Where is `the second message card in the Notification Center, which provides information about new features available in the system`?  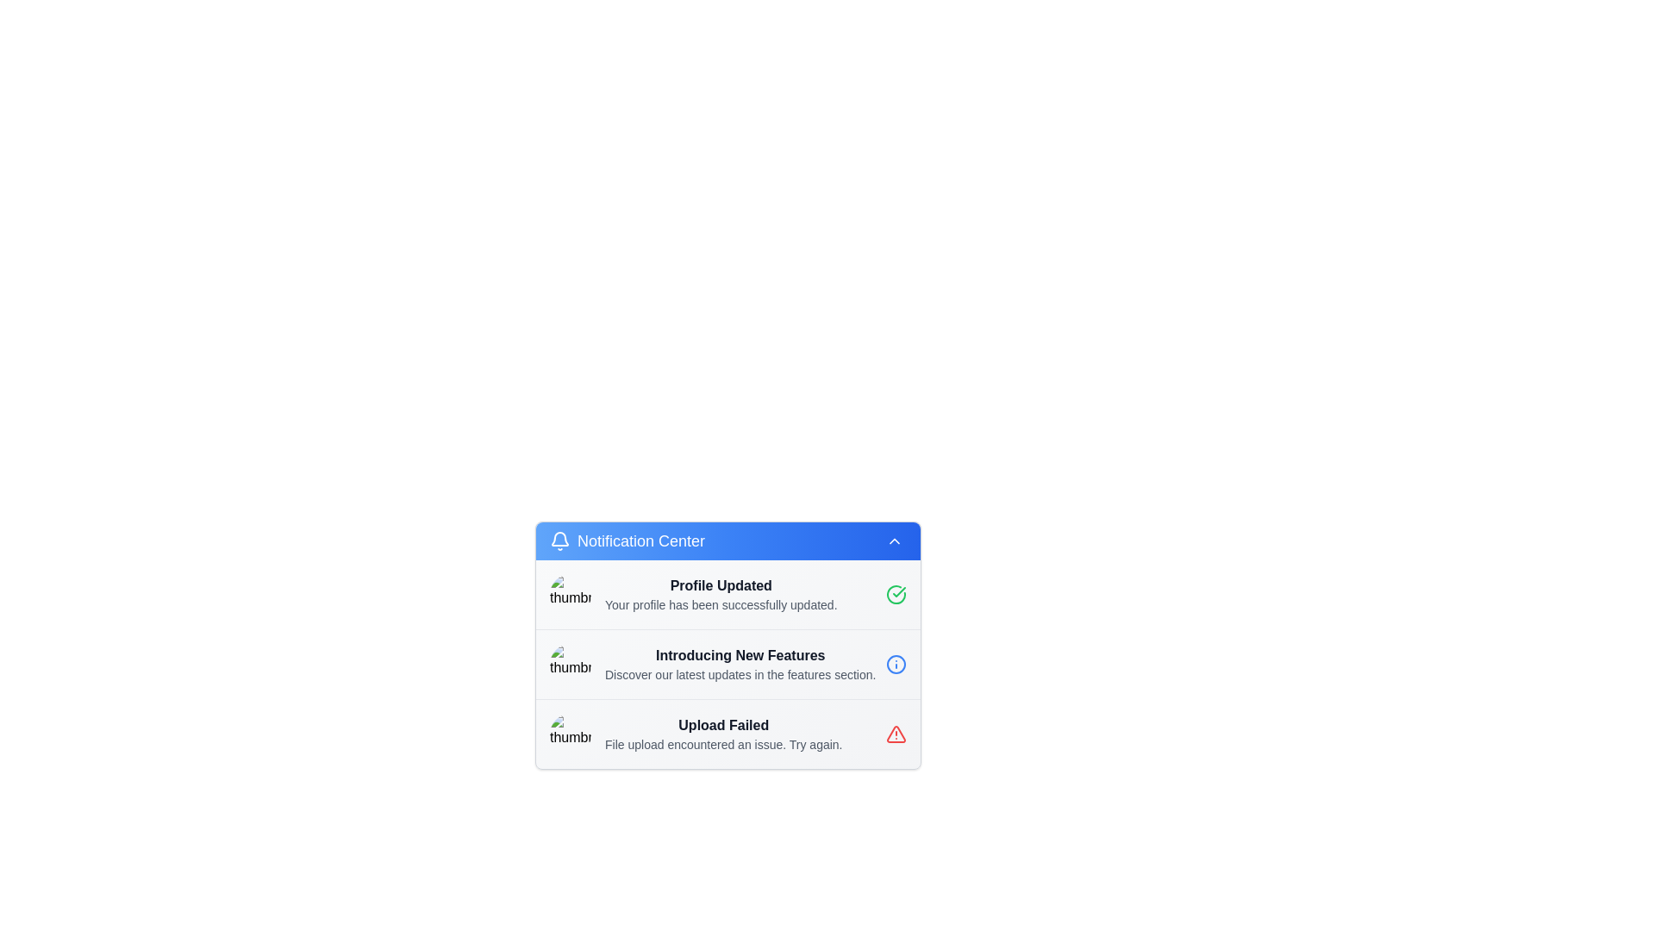 the second message card in the Notification Center, which provides information about new features available in the system is located at coordinates (728, 664).